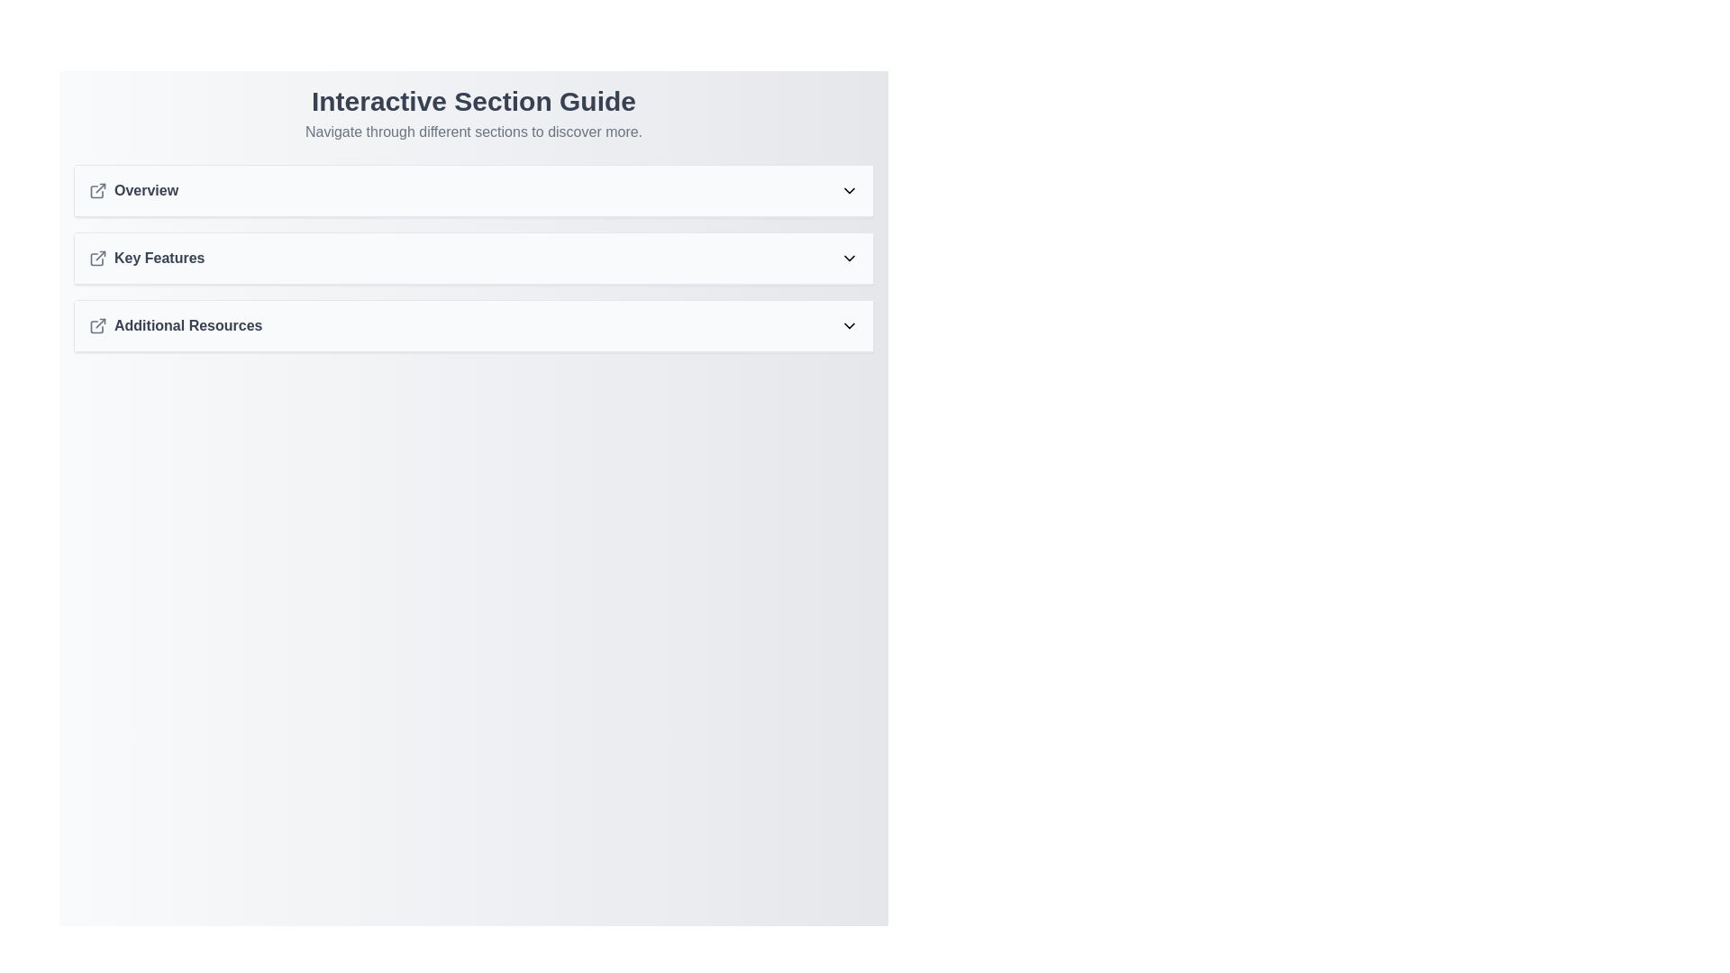  Describe the element at coordinates (159, 258) in the screenshot. I see `text label 'Key Features' which is styled in bold gray font, located in the middle of a vertical stack of text items between 'Overview' and 'Additional Resources'` at that location.